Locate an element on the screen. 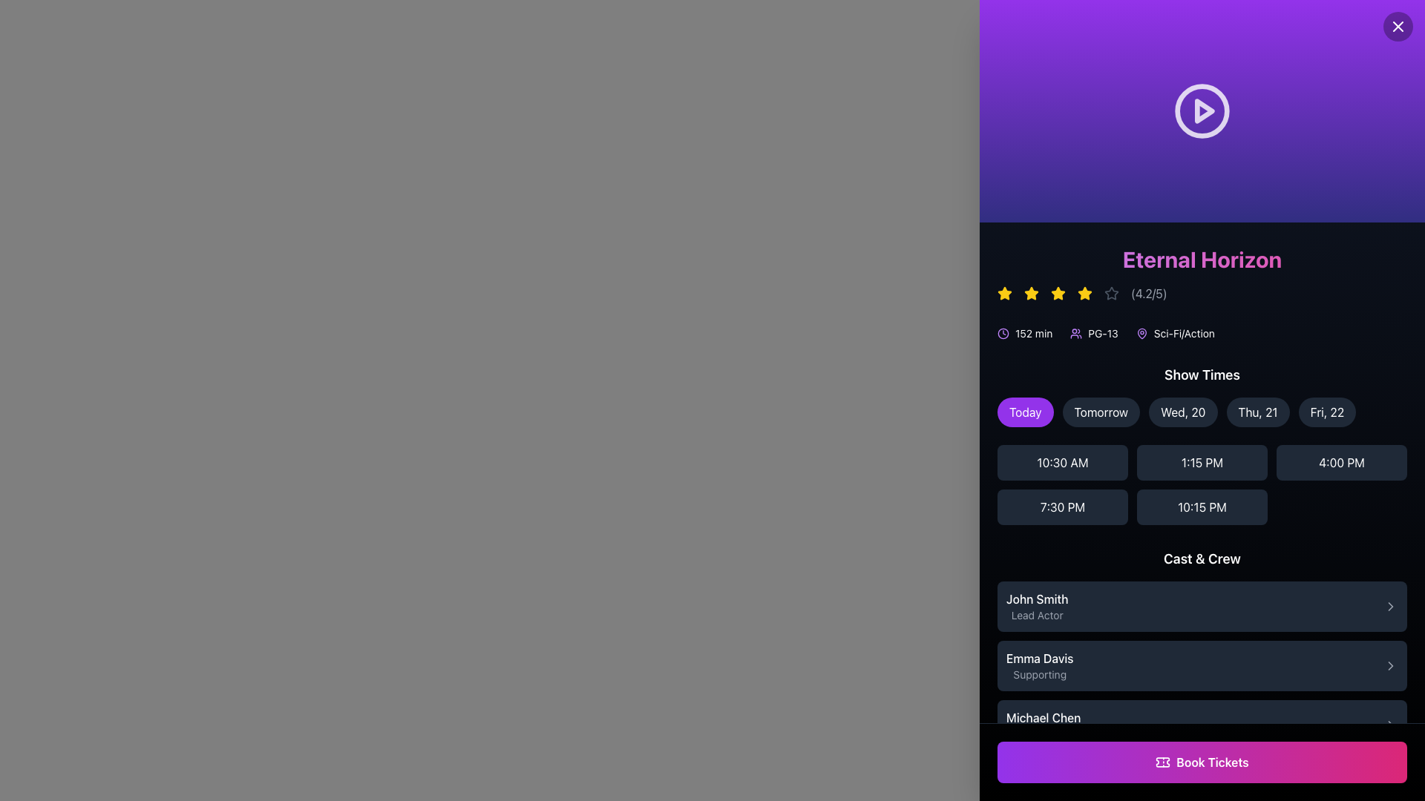  the label indicating the runtime of the movie, which is positioned beneath the rating stars and the title 'Eternal Horizon', as the first element in the row displaying movie information is located at coordinates (1024, 334).